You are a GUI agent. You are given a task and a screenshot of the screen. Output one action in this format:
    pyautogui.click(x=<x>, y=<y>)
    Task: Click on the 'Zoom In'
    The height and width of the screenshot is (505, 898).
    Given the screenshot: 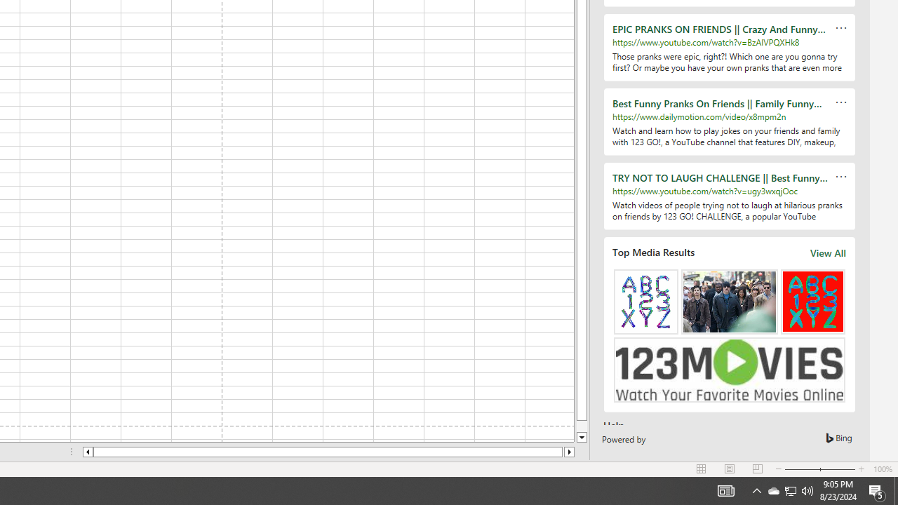 What is the action you would take?
    pyautogui.click(x=860, y=469)
    